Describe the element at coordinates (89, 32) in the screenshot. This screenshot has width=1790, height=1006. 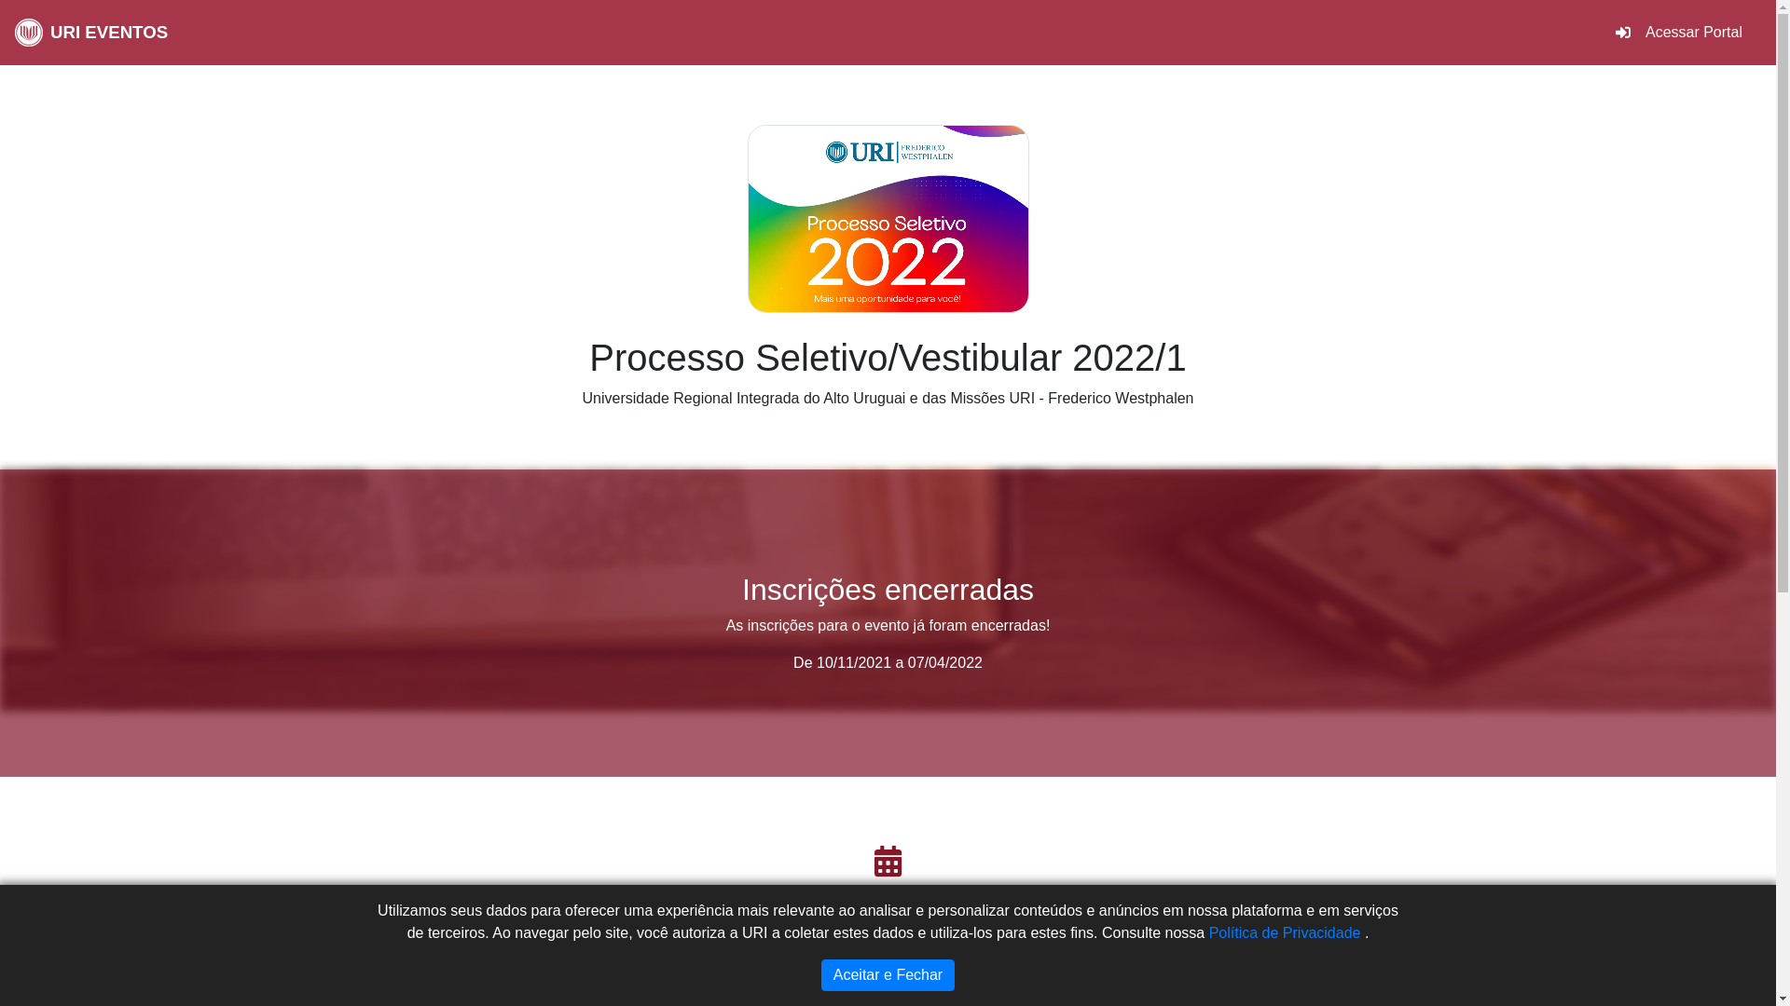
I see `'URI EVENTOS'` at that location.